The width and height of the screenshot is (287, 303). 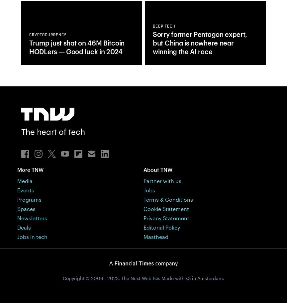 What do you see at coordinates (48, 35) in the screenshot?
I see `'cryptocurrency'` at bounding box center [48, 35].